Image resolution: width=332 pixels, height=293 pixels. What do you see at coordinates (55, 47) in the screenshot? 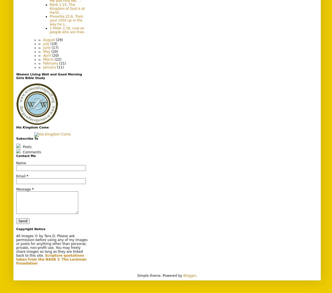
I see `'(17)'` at bounding box center [55, 47].